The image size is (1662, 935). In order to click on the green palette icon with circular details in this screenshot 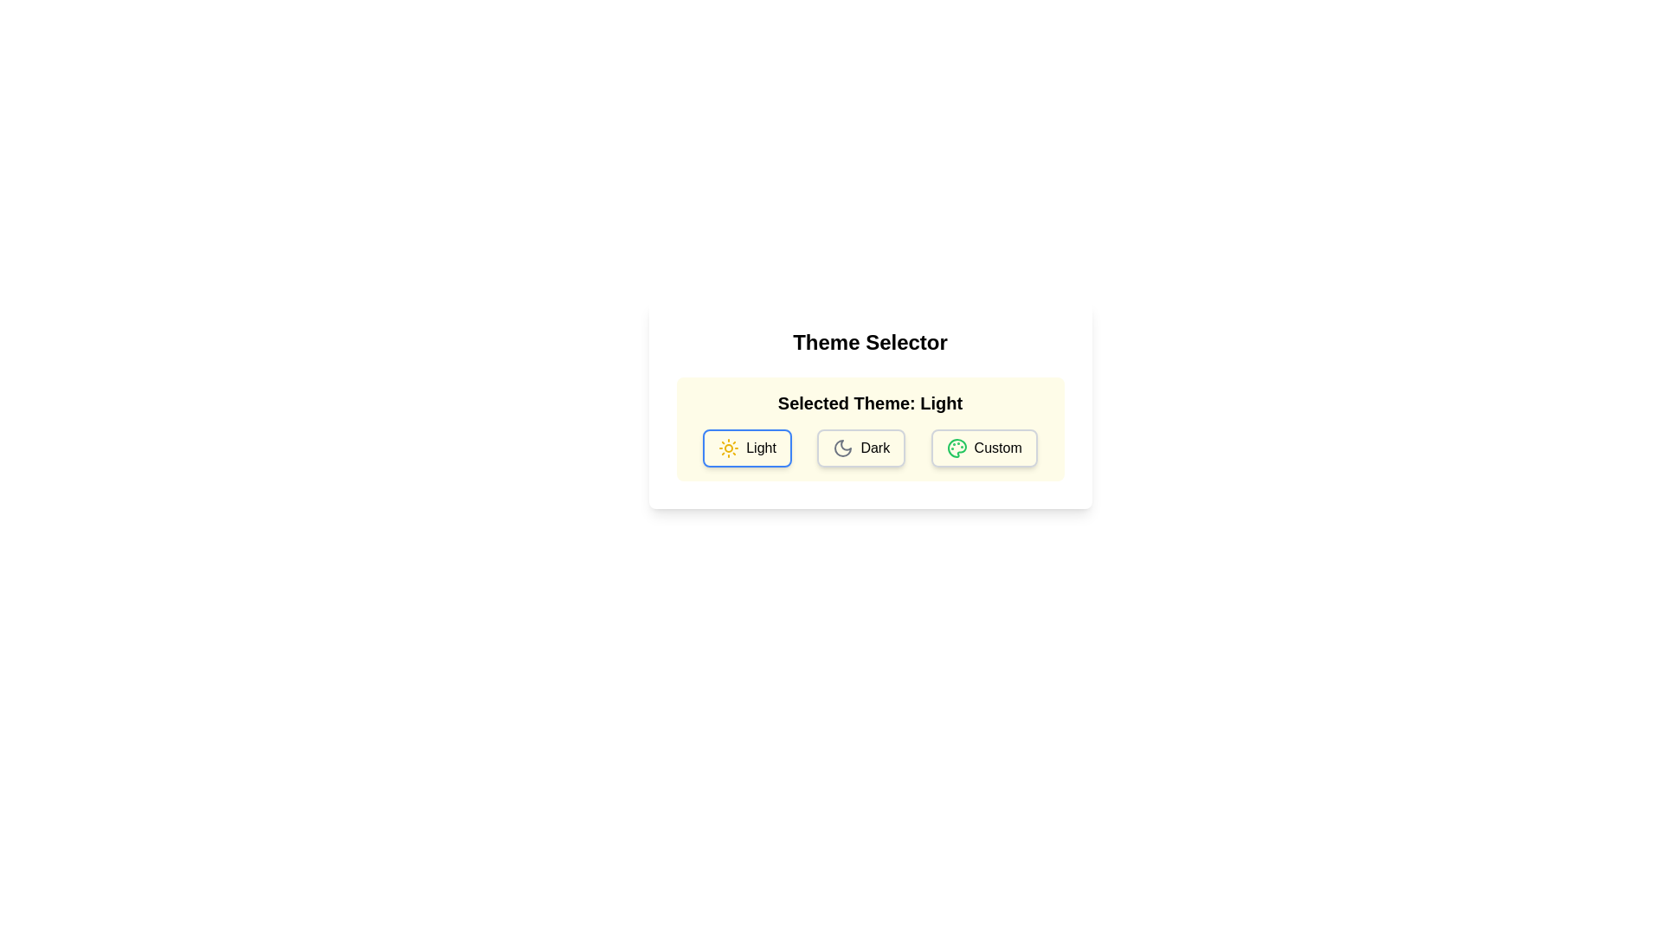, I will do `click(956, 447)`.